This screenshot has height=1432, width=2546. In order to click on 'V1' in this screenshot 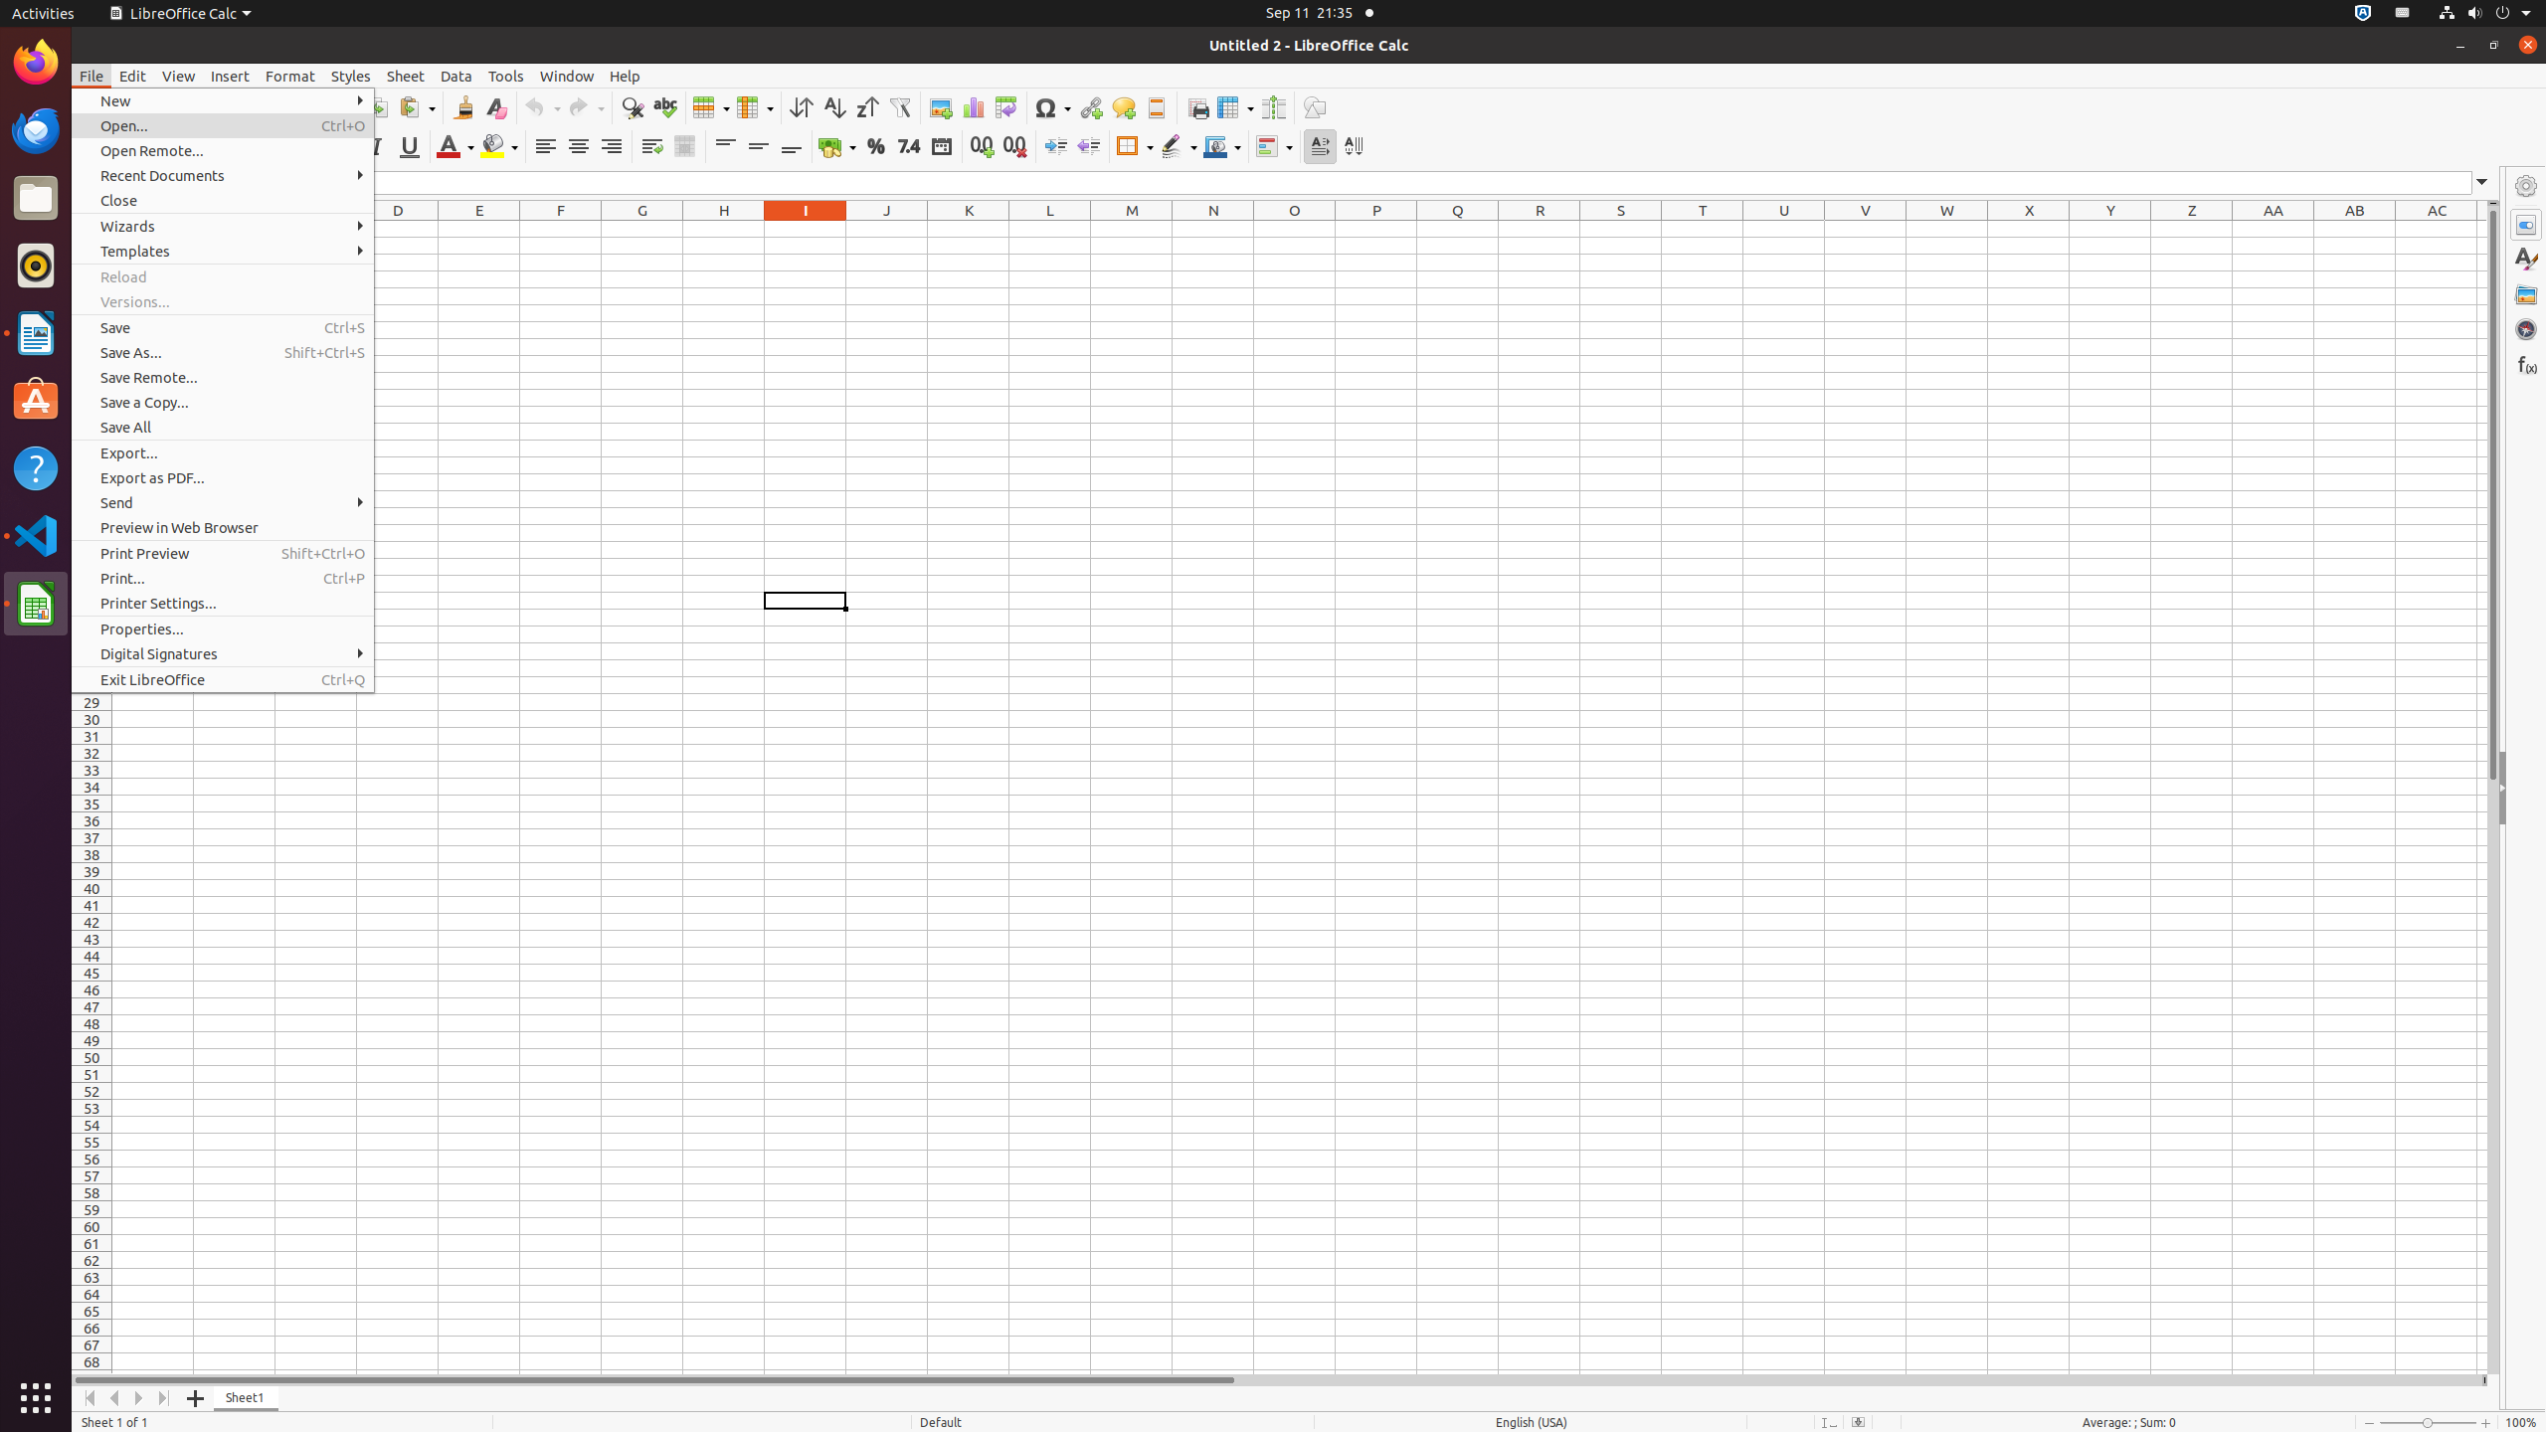, I will do `click(1865, 228)`.